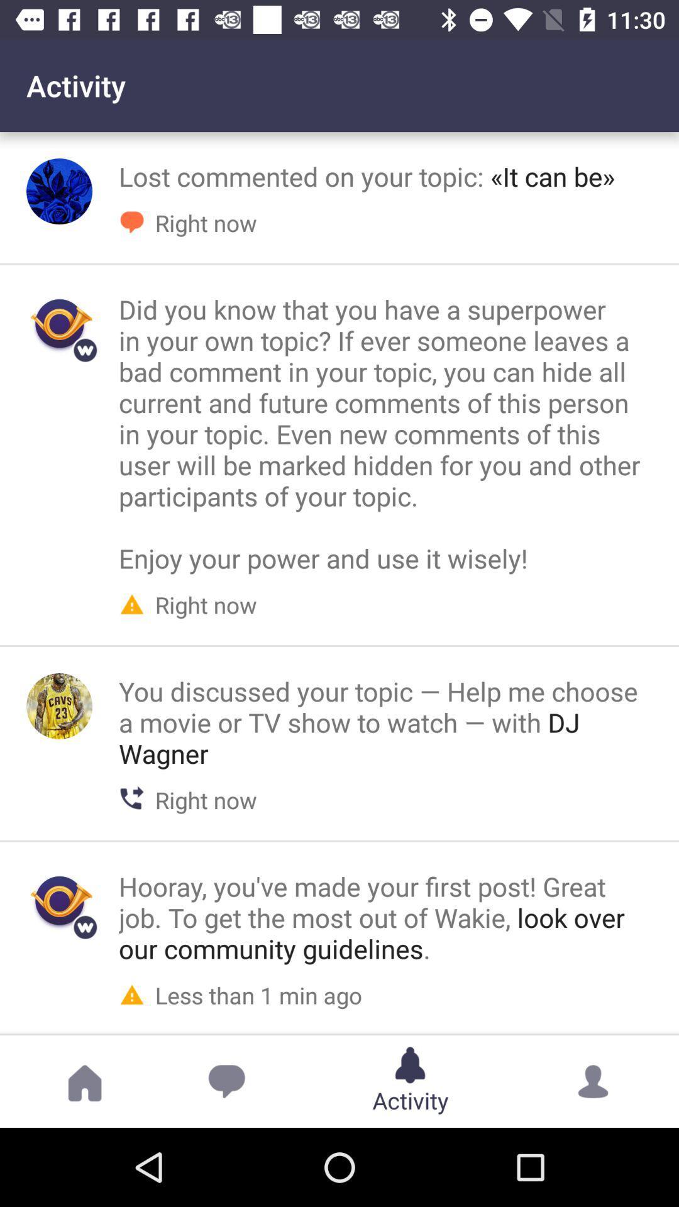 The height and width of the screenshot is (1207, 679). What do you see at coordinates (59, 190) in the screenshot?
I see `avatar for user` at bounding box center [59, 190].